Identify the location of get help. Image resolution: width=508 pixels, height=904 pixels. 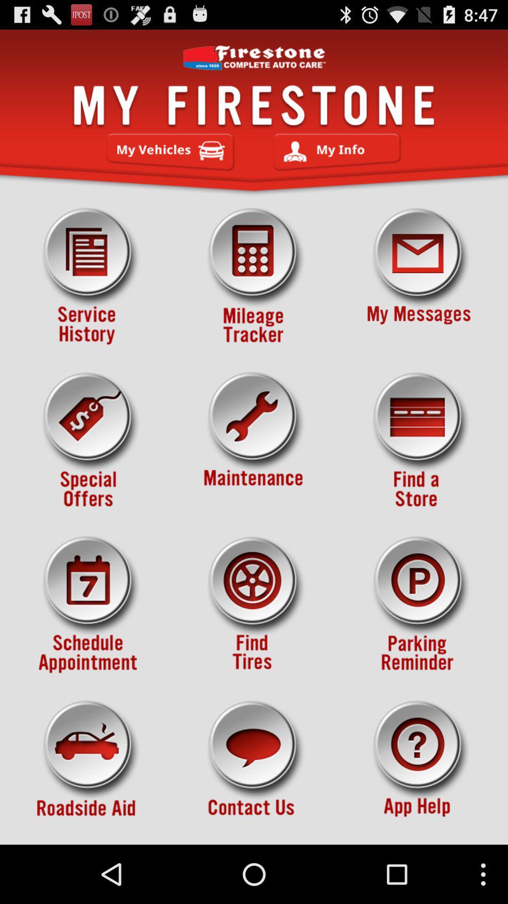
(419, 769).